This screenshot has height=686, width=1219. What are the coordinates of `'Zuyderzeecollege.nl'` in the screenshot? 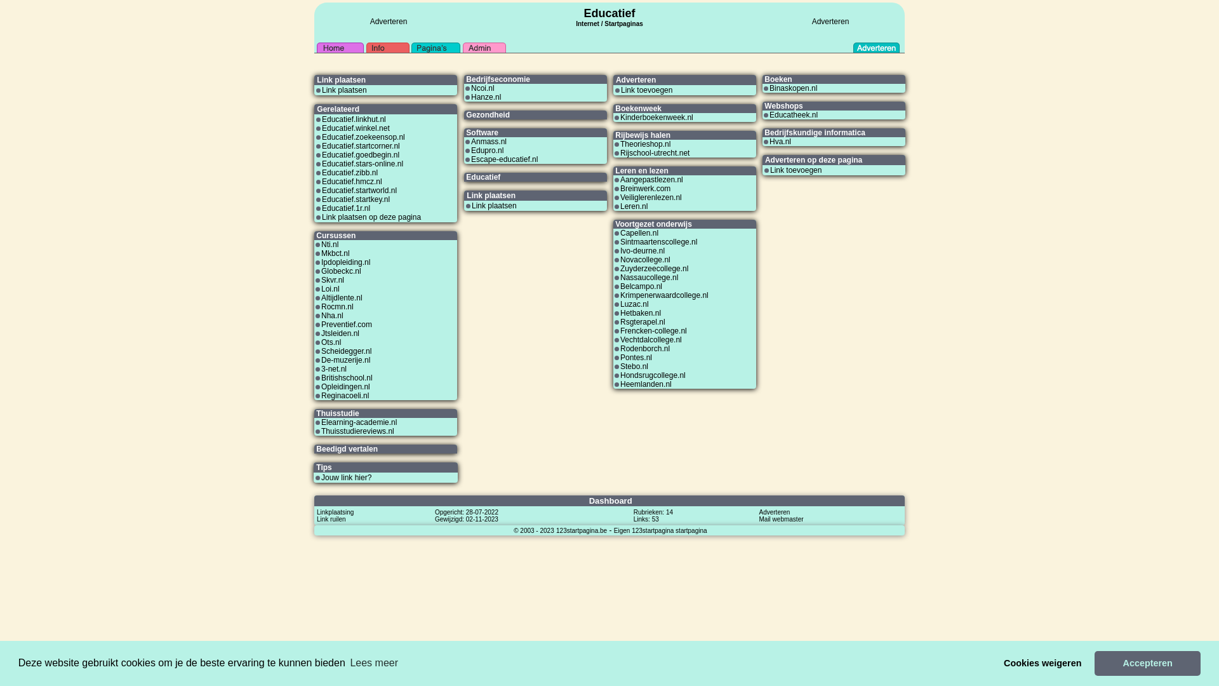 It's located at (654, 268).